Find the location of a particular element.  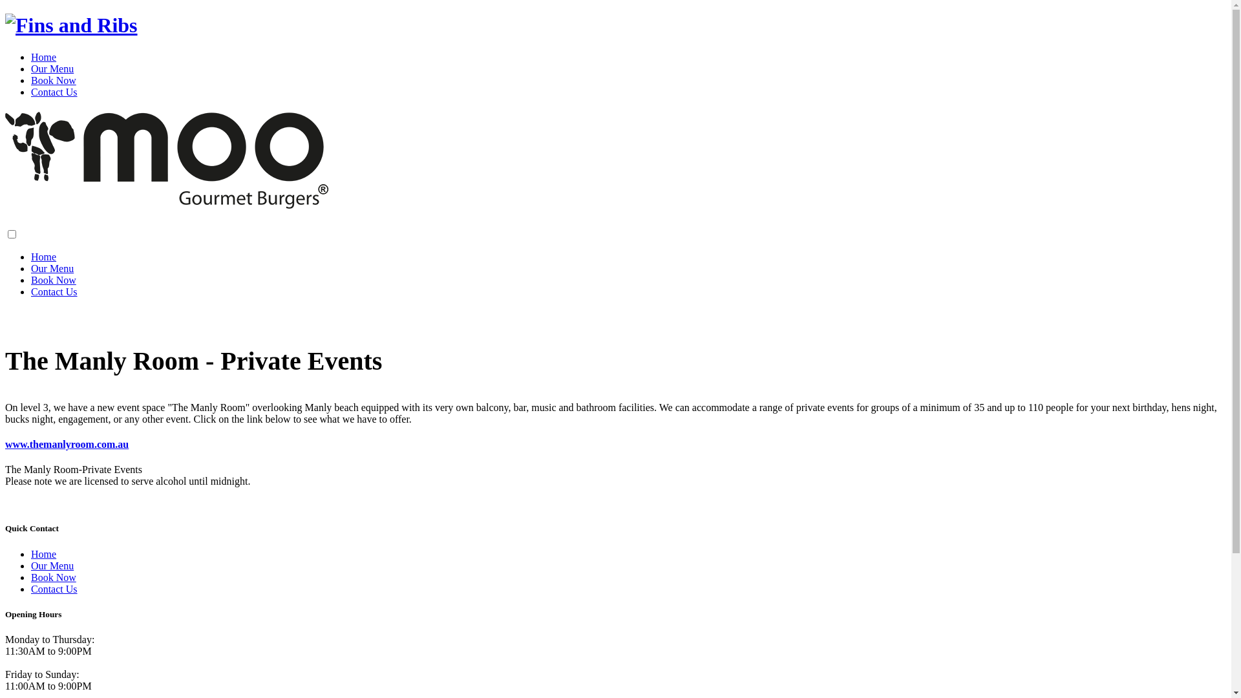

'Book Now' is located at coordinates (31, 80).